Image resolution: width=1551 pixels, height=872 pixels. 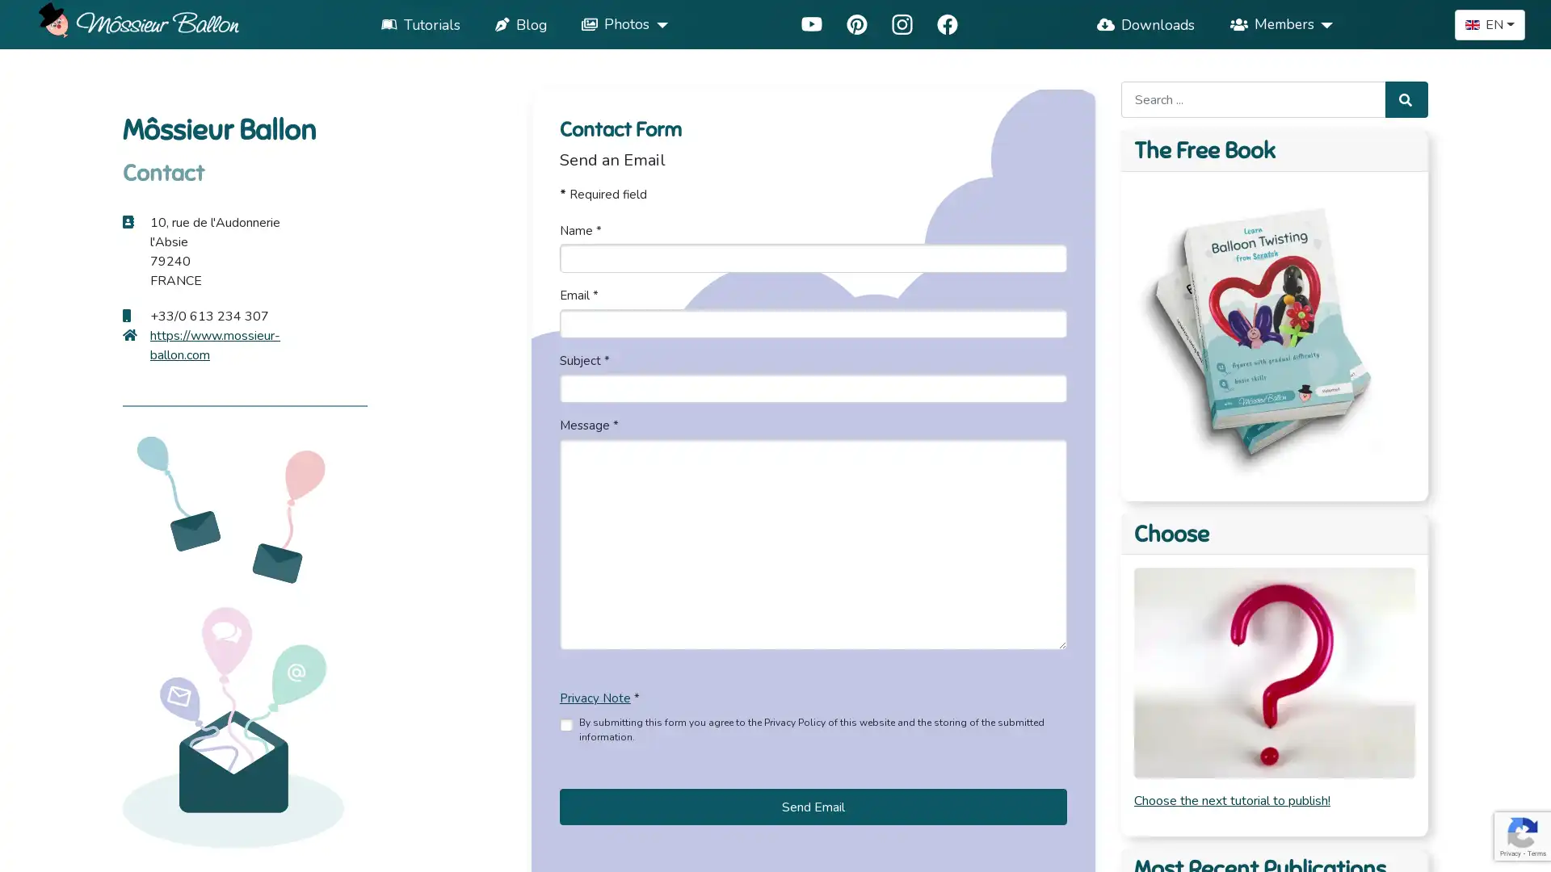 I want to click on Personalize (modal window), so click(x=1116, y=849).